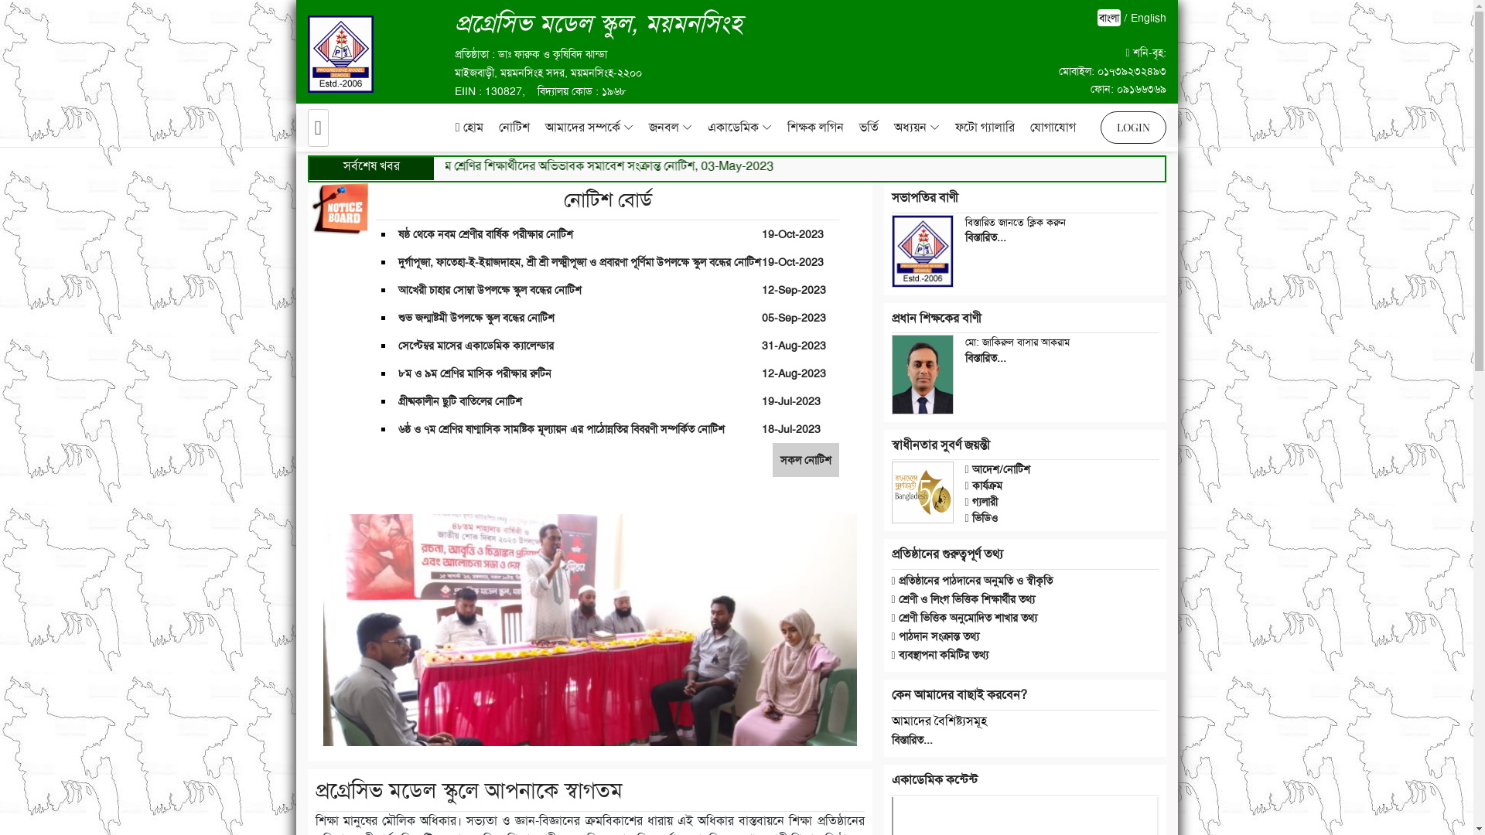  What do you see at coordinates (794, 317) in the screenshot?
I see `'05-Sep-2023'` at bounding box center [794, 317].